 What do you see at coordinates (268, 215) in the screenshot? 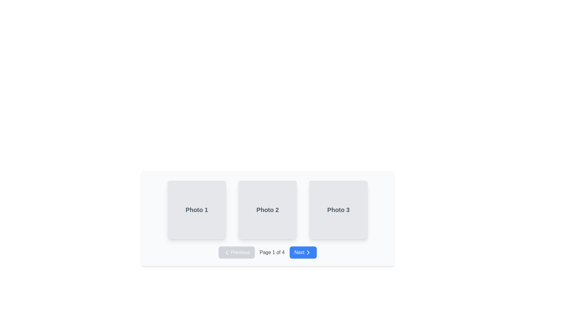
I see `the central UI card that represents an interactive item in the gallery, located between 'Photo 1' and 'Photo 3'` at bounding box center [268, 215].